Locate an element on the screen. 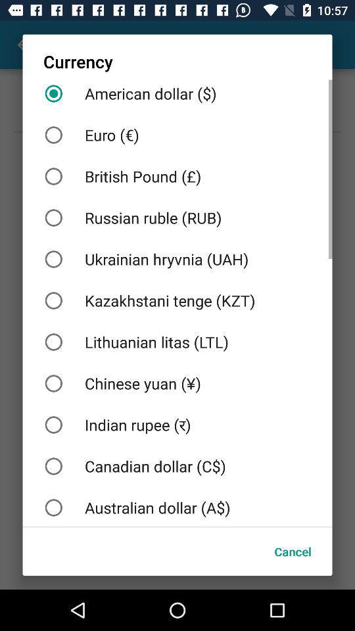  item below australian dollar (a$) item is located at coordinates (293, 551).